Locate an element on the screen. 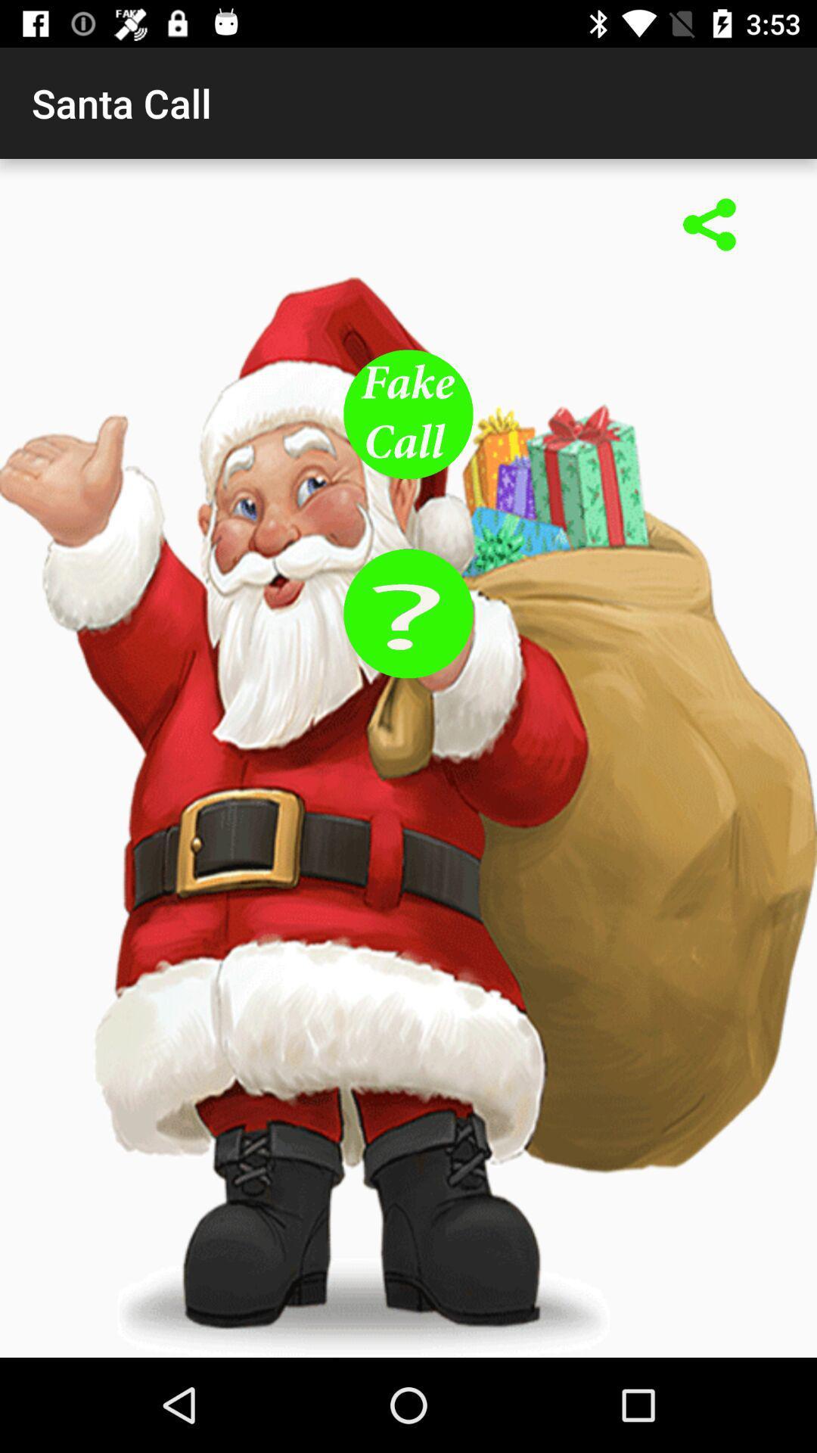 This screenshot has width=817, height=1453. share is located at coordinates (710, 226).